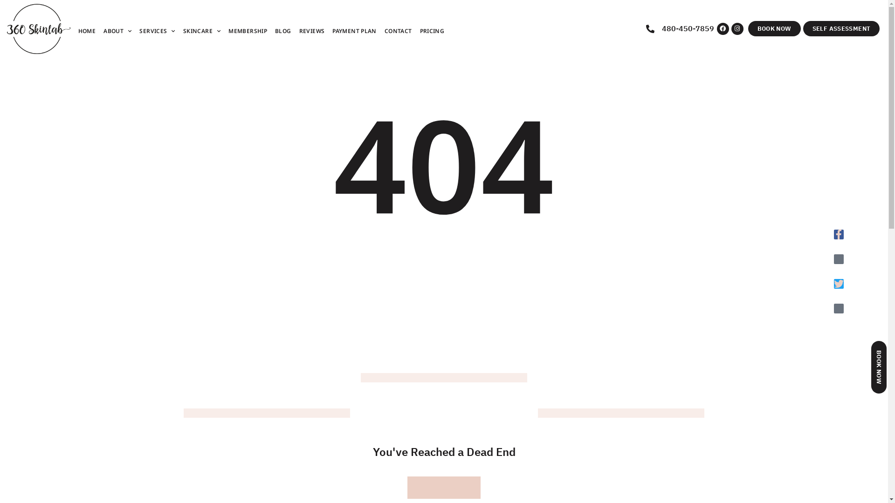 This screenshot has height=503, width=895. I want to click on 'REVIEWS', so click(312, 30).